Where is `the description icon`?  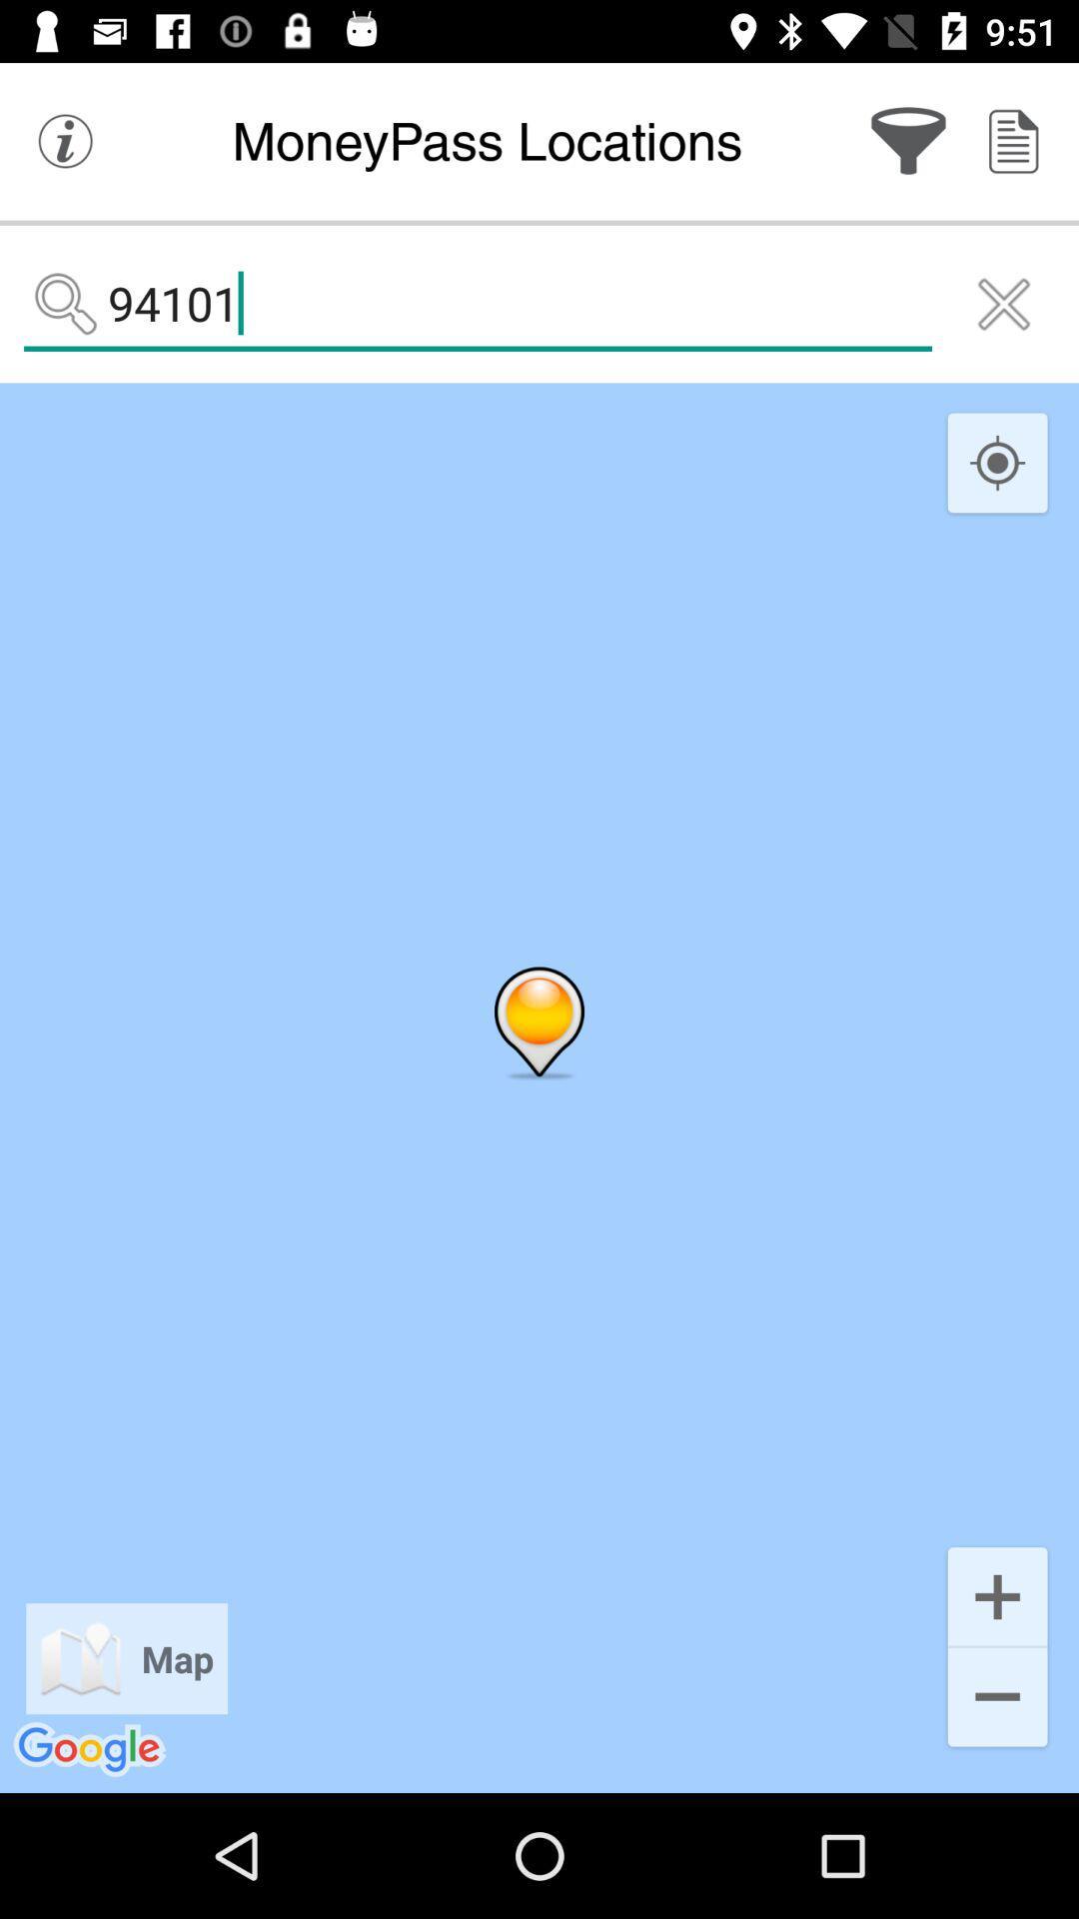 the description icon is located at coordinates (1013, 140).